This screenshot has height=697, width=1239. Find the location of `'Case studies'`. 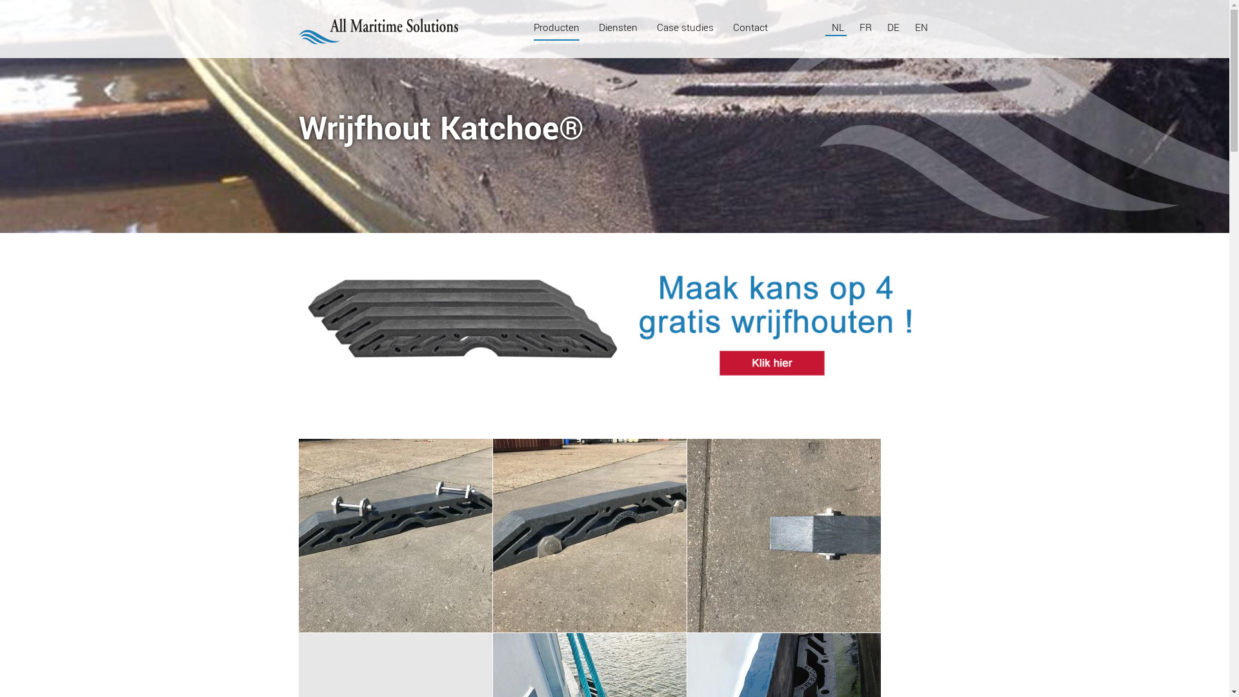

'Case studies' is located at coordinates (684, 27).